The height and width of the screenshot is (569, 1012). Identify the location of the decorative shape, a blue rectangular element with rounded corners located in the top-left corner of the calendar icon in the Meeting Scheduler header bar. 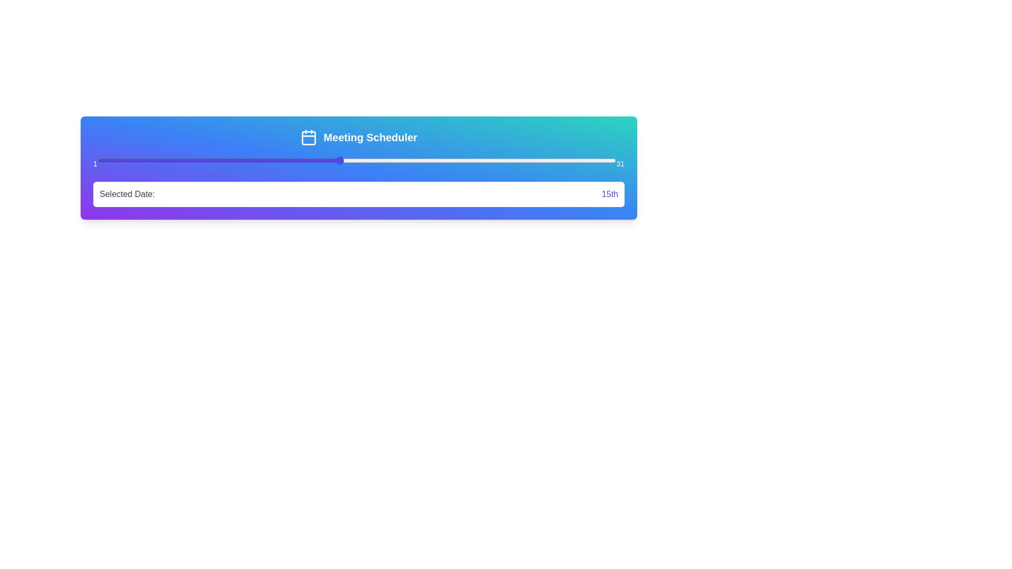
(308, 138).